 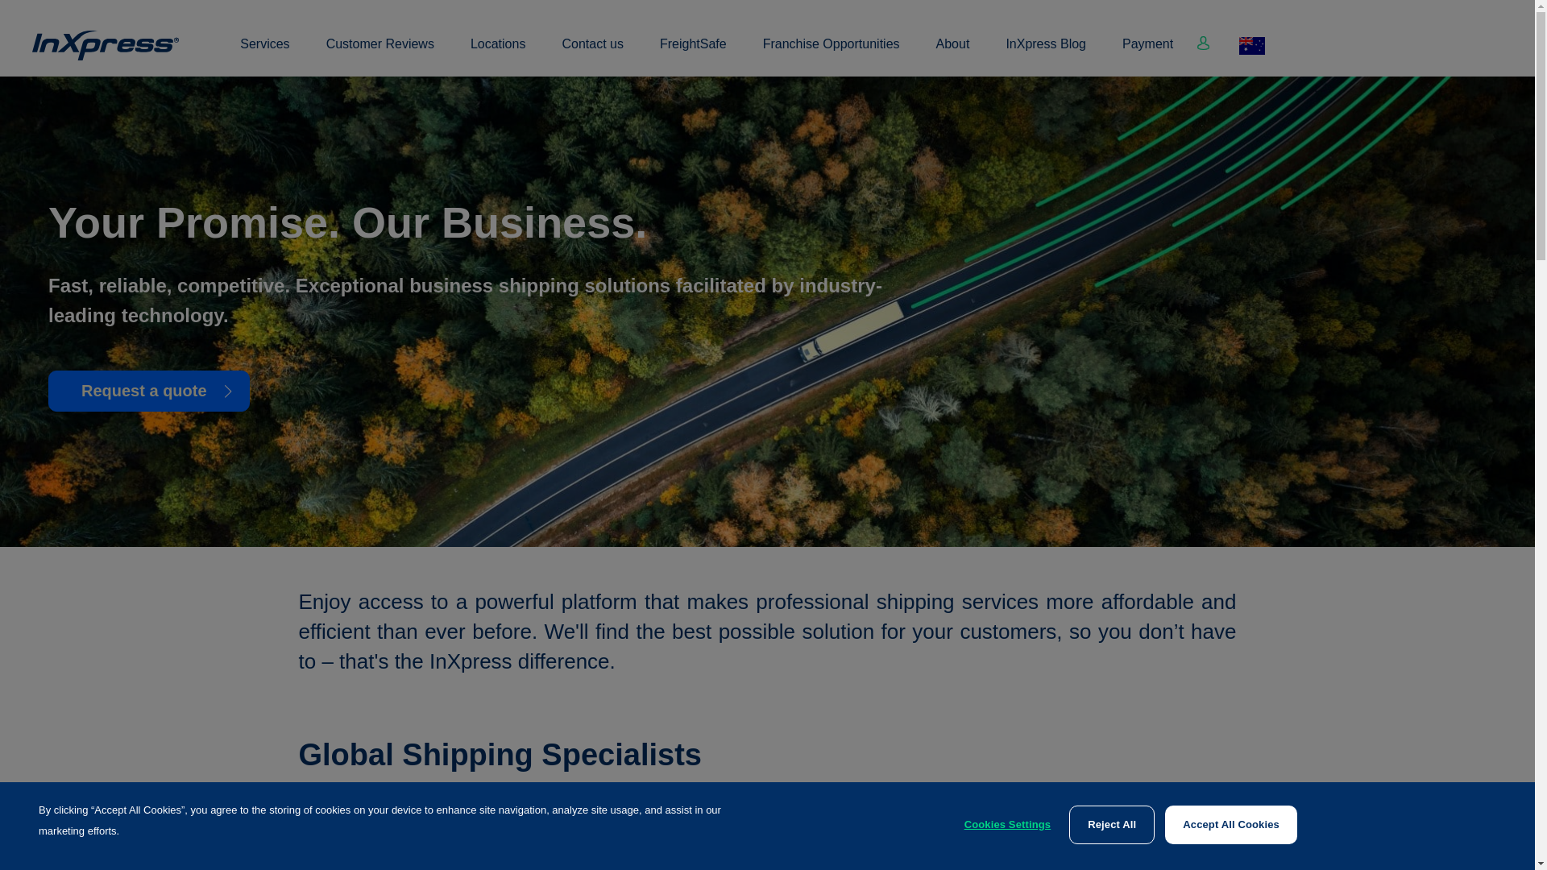 I want to click on 'Contact us', so click(x=591, y=52).